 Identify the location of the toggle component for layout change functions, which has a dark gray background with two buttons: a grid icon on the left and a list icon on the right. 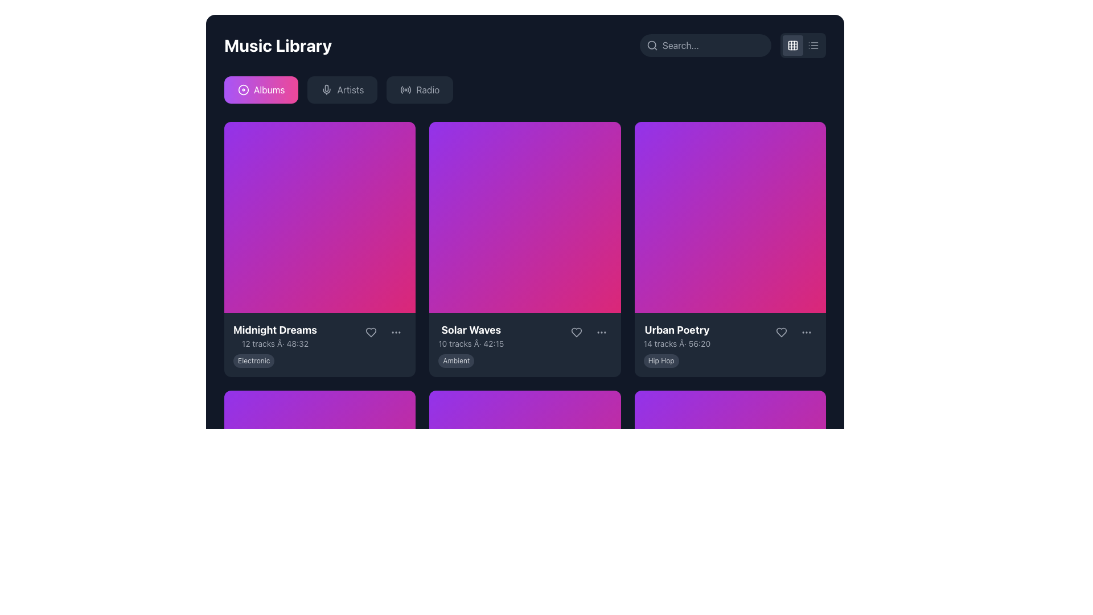
(803, 45).